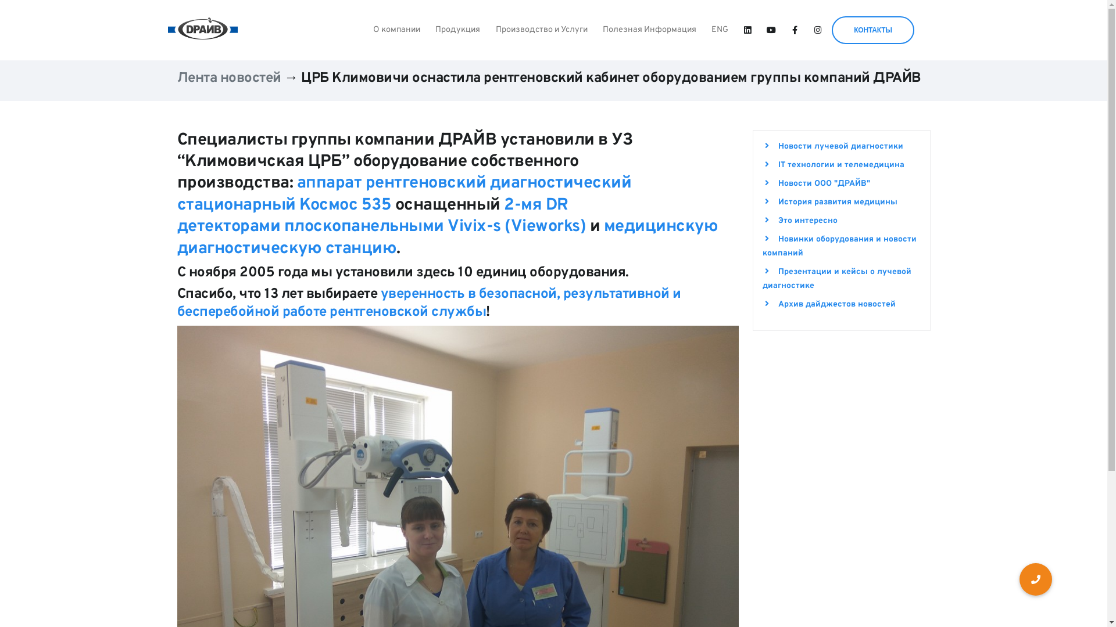 Image resolution: width=1116 pixels, height=627 pixels. Describe the element at coordinates (719, 29) in the screenshot. I see `'ENG'` at that location.